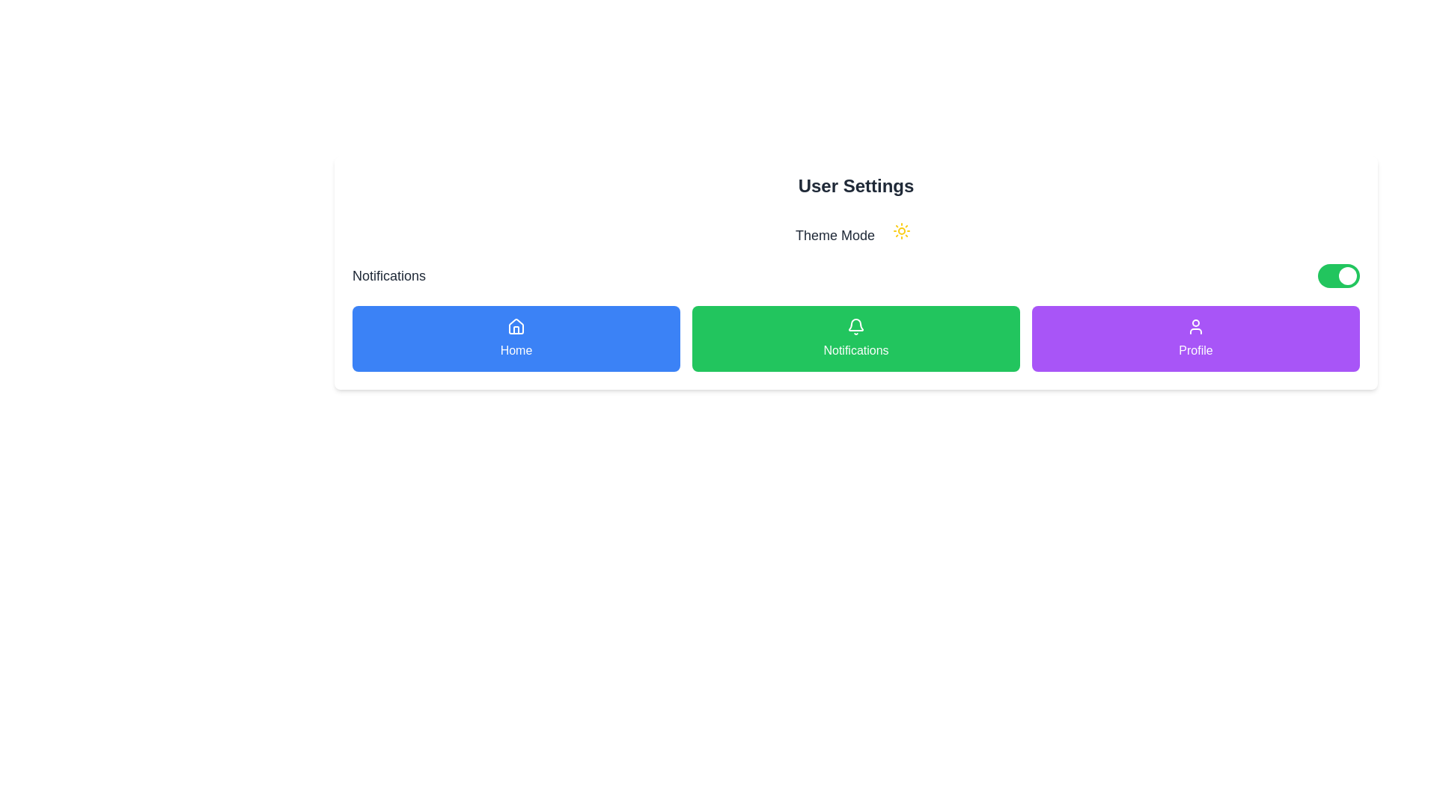  What do you see at coordinates (855, 338) in the screenshot?
I see `the second button in a row of three, located between the 'Home' button (blue background) and the 'Profile' button (purple background)` at bounding box center [855, 338].